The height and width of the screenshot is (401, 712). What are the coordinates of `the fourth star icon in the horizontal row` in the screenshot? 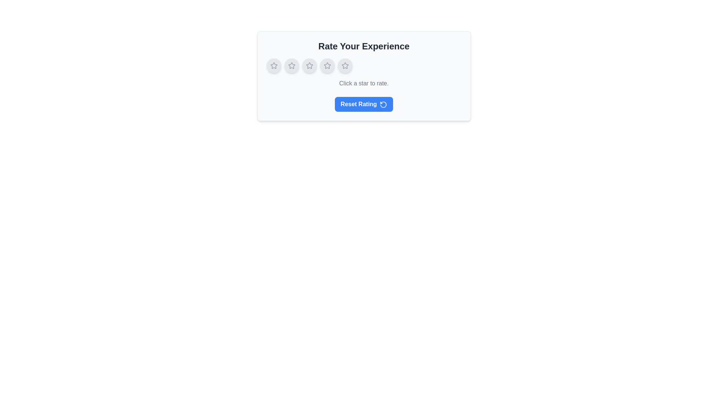 It's located at (327, 65).